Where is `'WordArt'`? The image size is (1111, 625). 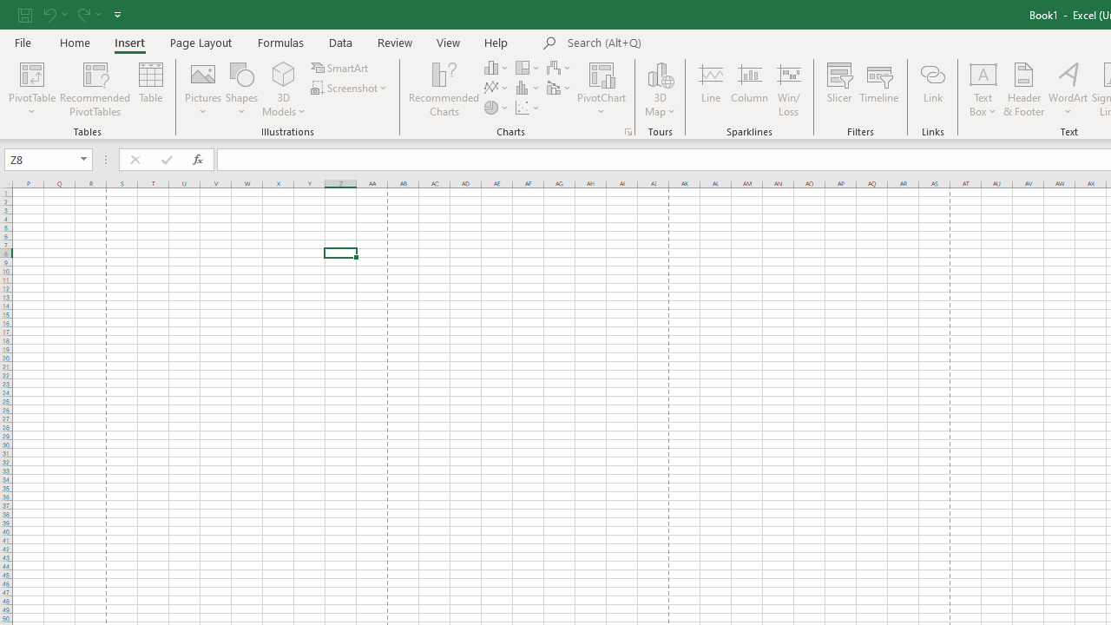 'WordArt' is located at coordinates (1067, 89).